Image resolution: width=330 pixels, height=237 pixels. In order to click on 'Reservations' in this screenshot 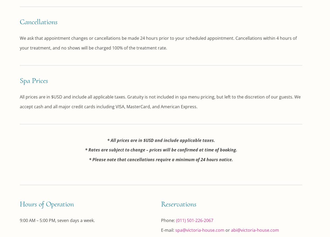, I will do `click(179, 204)`.